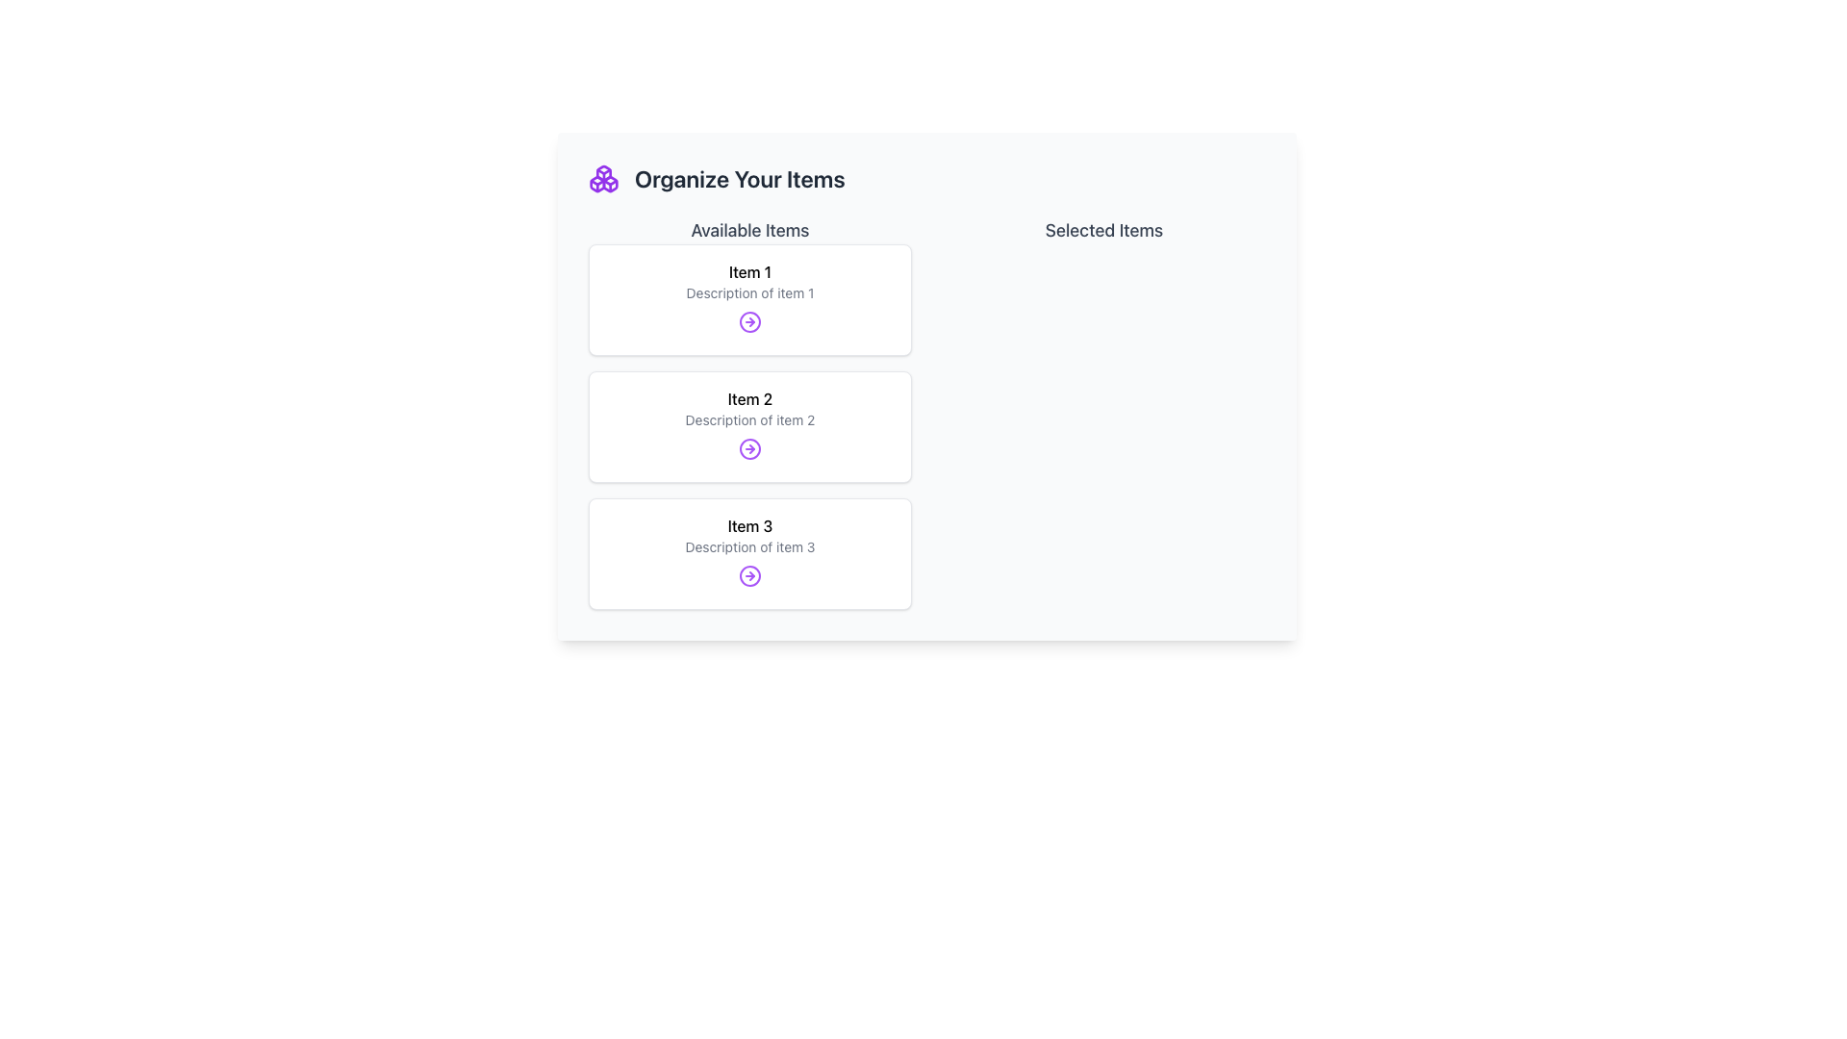 The height and width of the screenshot is (1039, 1847). Describe the element at coordinates (748, 574) in the screenshot. I see `the circular purple icon button containing a right-pointing arrow located below the description text of 'Item 3' in the bordered white box to interact with it` at that location.